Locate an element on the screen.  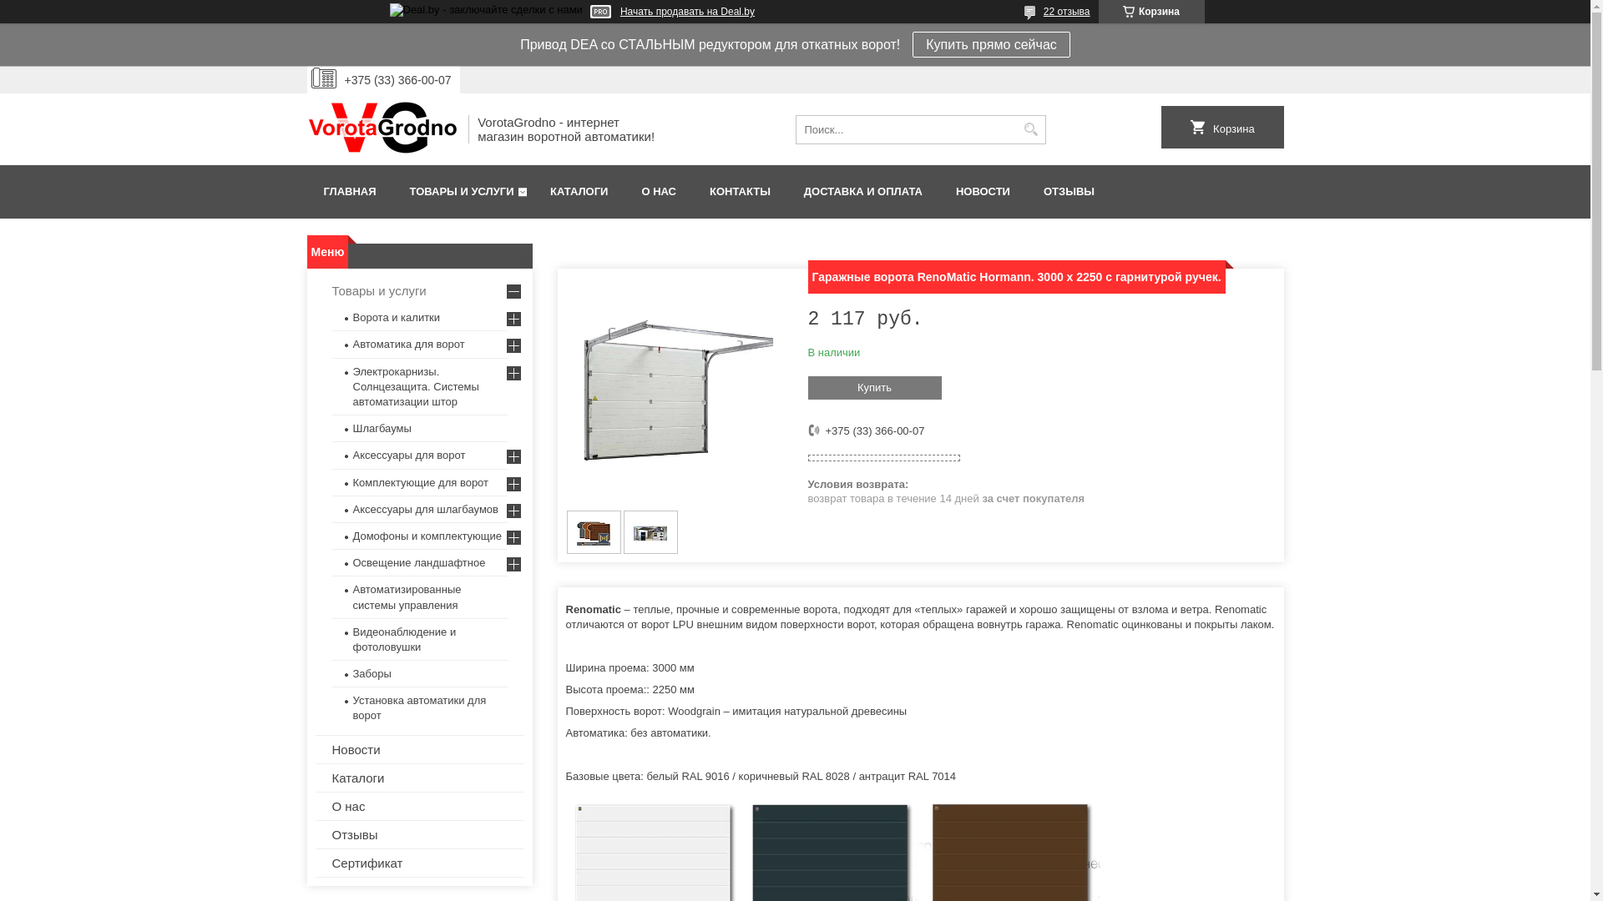
'VorotaGrodno' is located at coordinates (381, 128).